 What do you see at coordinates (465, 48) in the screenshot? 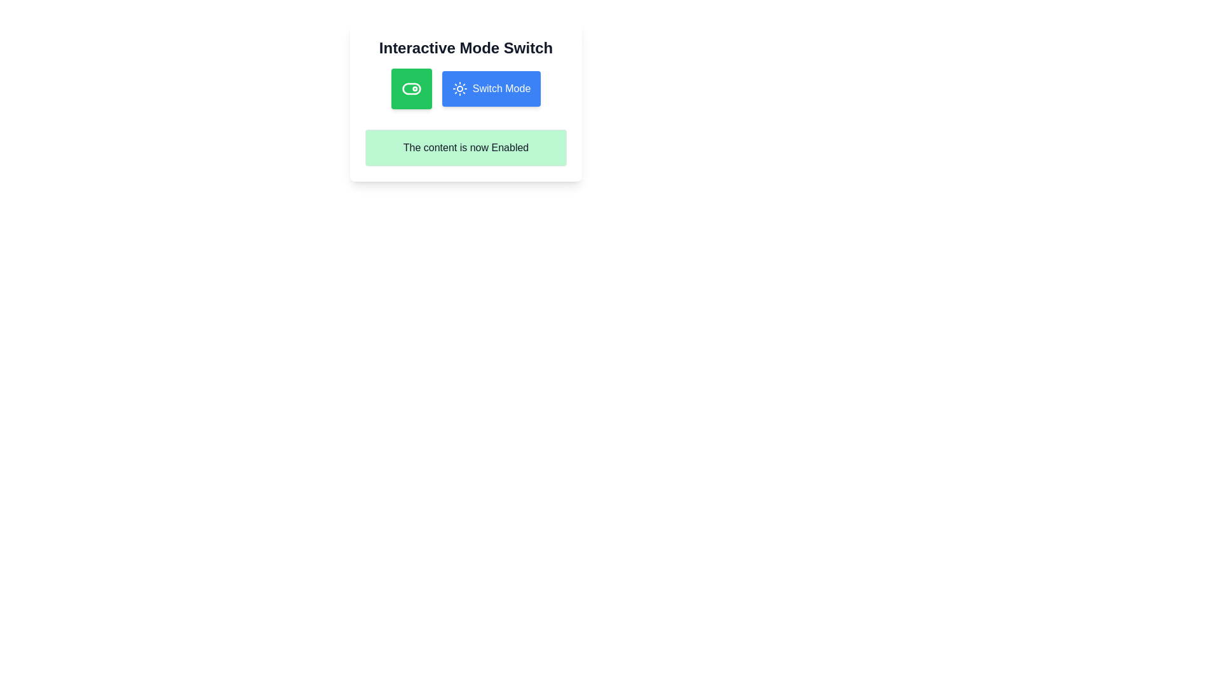
I see `the title text element located at the top center of the card layout` at bounding box center [465, 48].